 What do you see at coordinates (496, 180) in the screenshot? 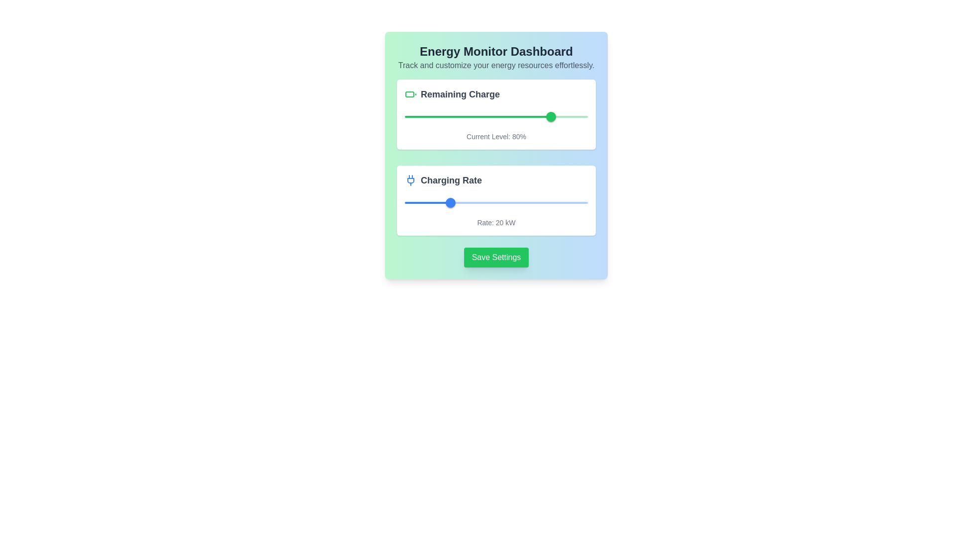
I see `the label displaying 'Charging Rate' with the accompanying blue plug icon, which is positioned in a white rectangular card layout, below 'Remaining Charge' and above the slider labeled 'Rate: 20 kW'` at bounding box center [496, 180].